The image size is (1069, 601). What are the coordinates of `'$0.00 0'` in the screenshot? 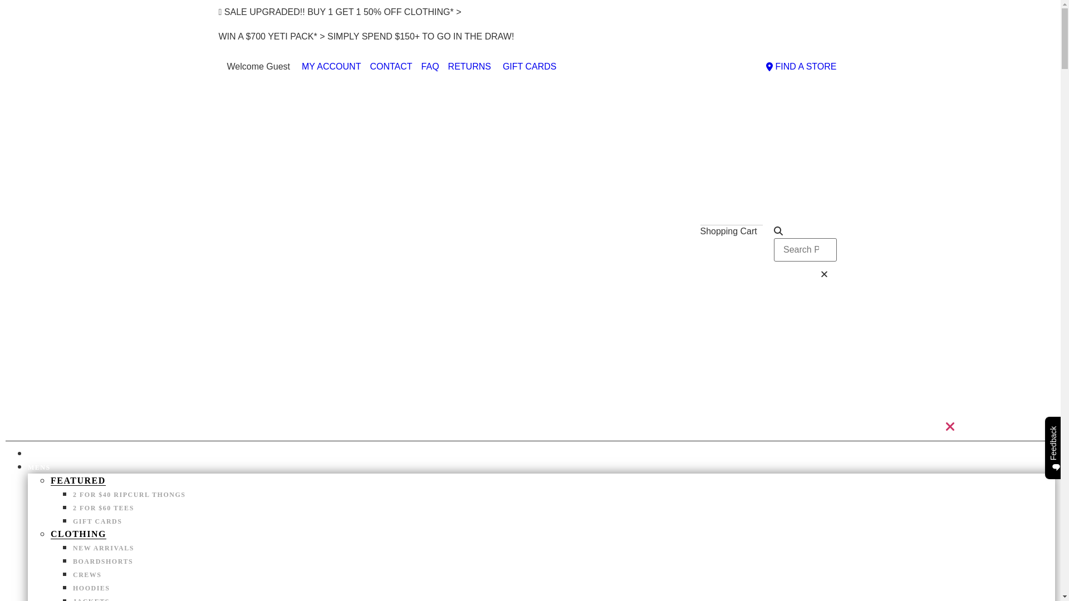 It's located at (732, 245).